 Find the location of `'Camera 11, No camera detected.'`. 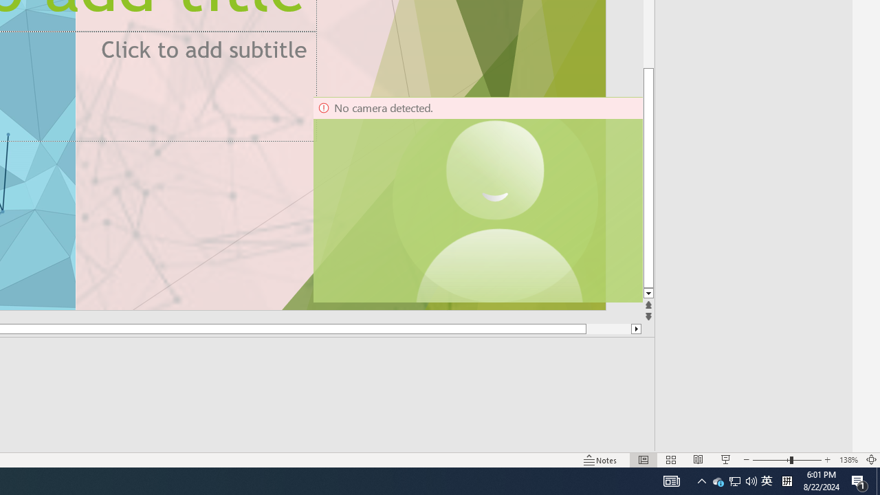

'Camera 11, No camera detected.' is located at coordinates (495, 199).